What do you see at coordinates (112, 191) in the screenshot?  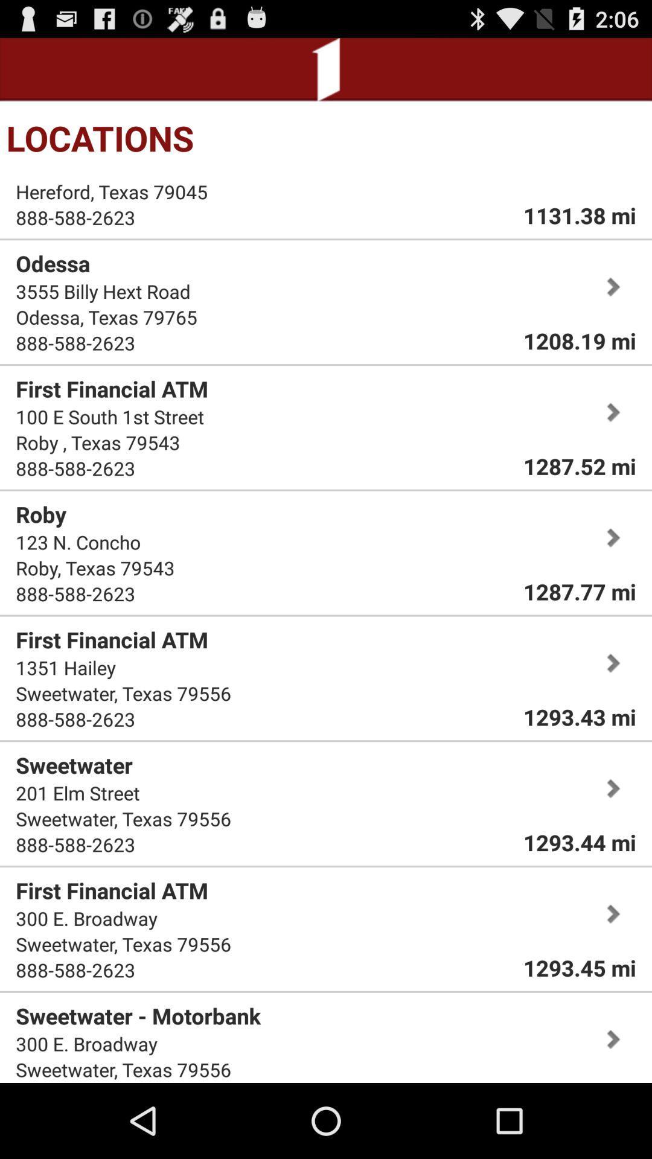 I see `the hereford, texas 79045 icon` at bounding box center [112, 191].